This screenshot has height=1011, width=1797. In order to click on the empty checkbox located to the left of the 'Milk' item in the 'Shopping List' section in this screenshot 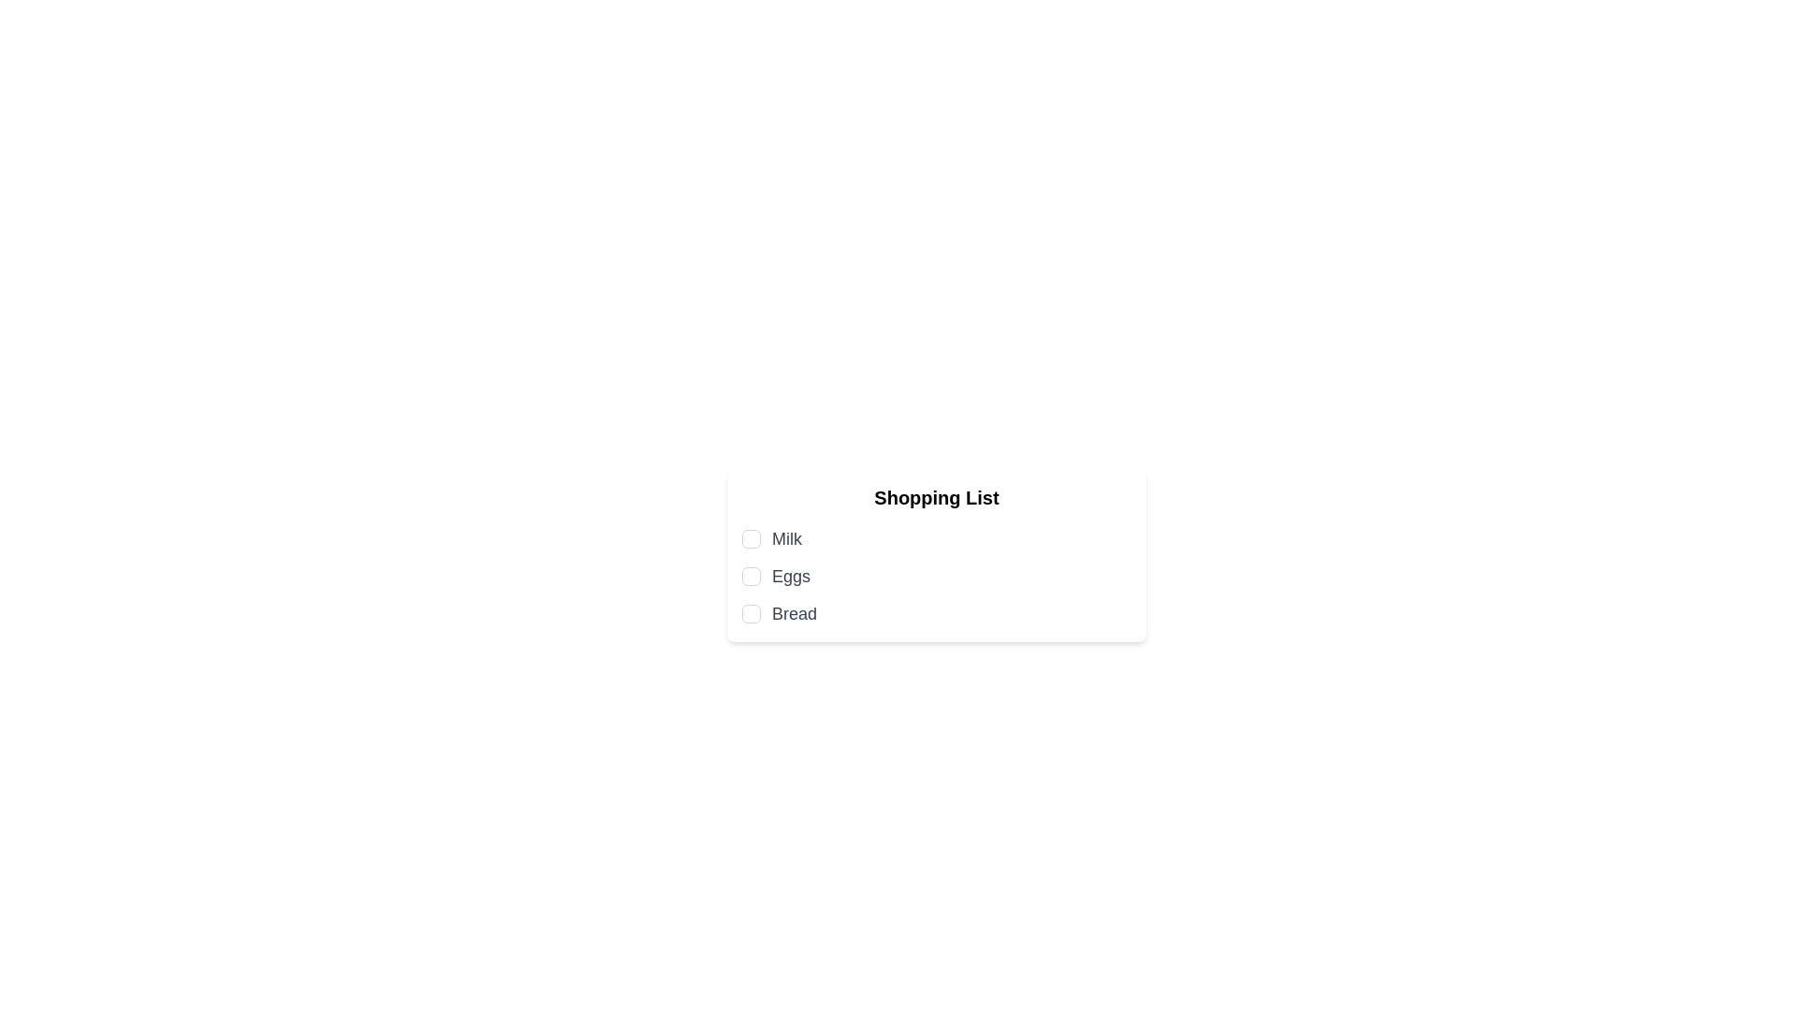, I will do `click(751, 538)`.